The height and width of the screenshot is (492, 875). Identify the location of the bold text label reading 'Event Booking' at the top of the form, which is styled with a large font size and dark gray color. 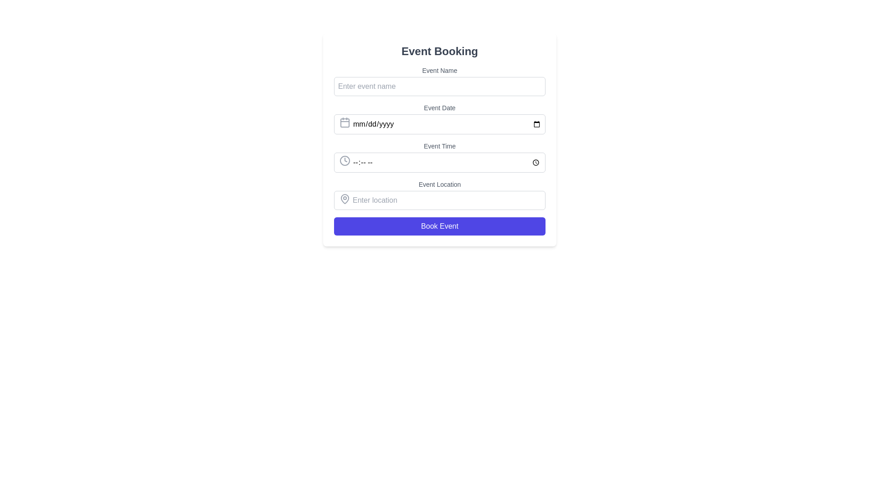
(439, 51).